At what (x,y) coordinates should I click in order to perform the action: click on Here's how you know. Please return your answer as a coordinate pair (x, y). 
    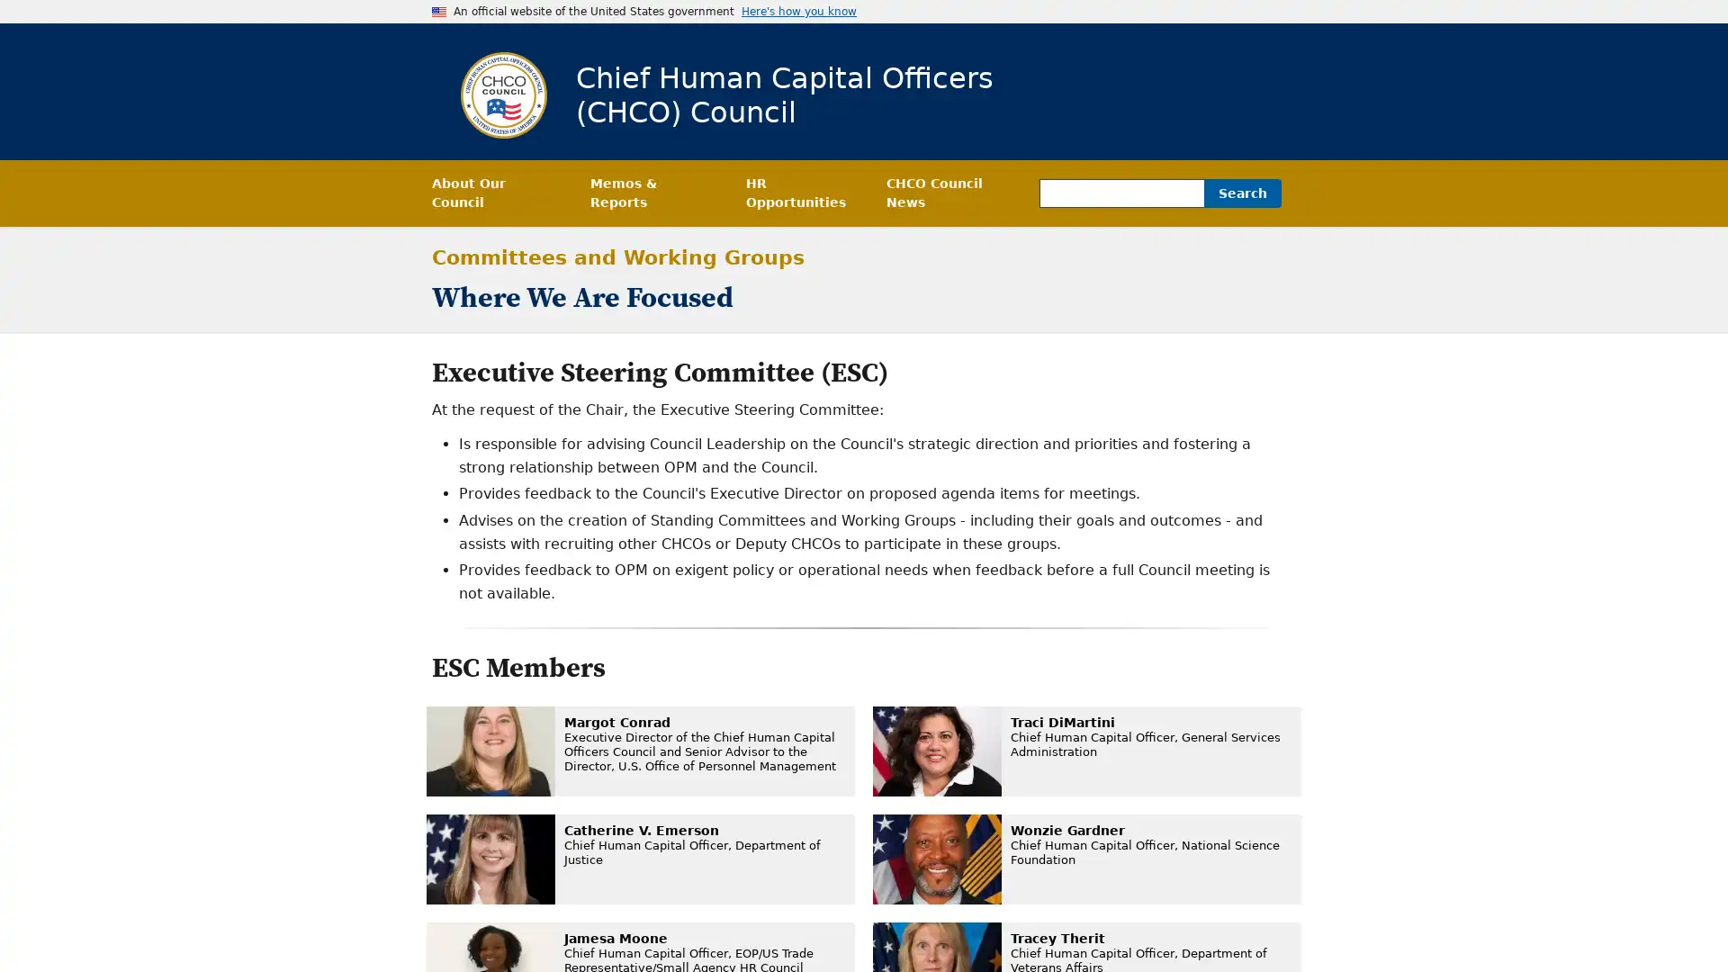
    Looking at the image, I should click on (798, 11).